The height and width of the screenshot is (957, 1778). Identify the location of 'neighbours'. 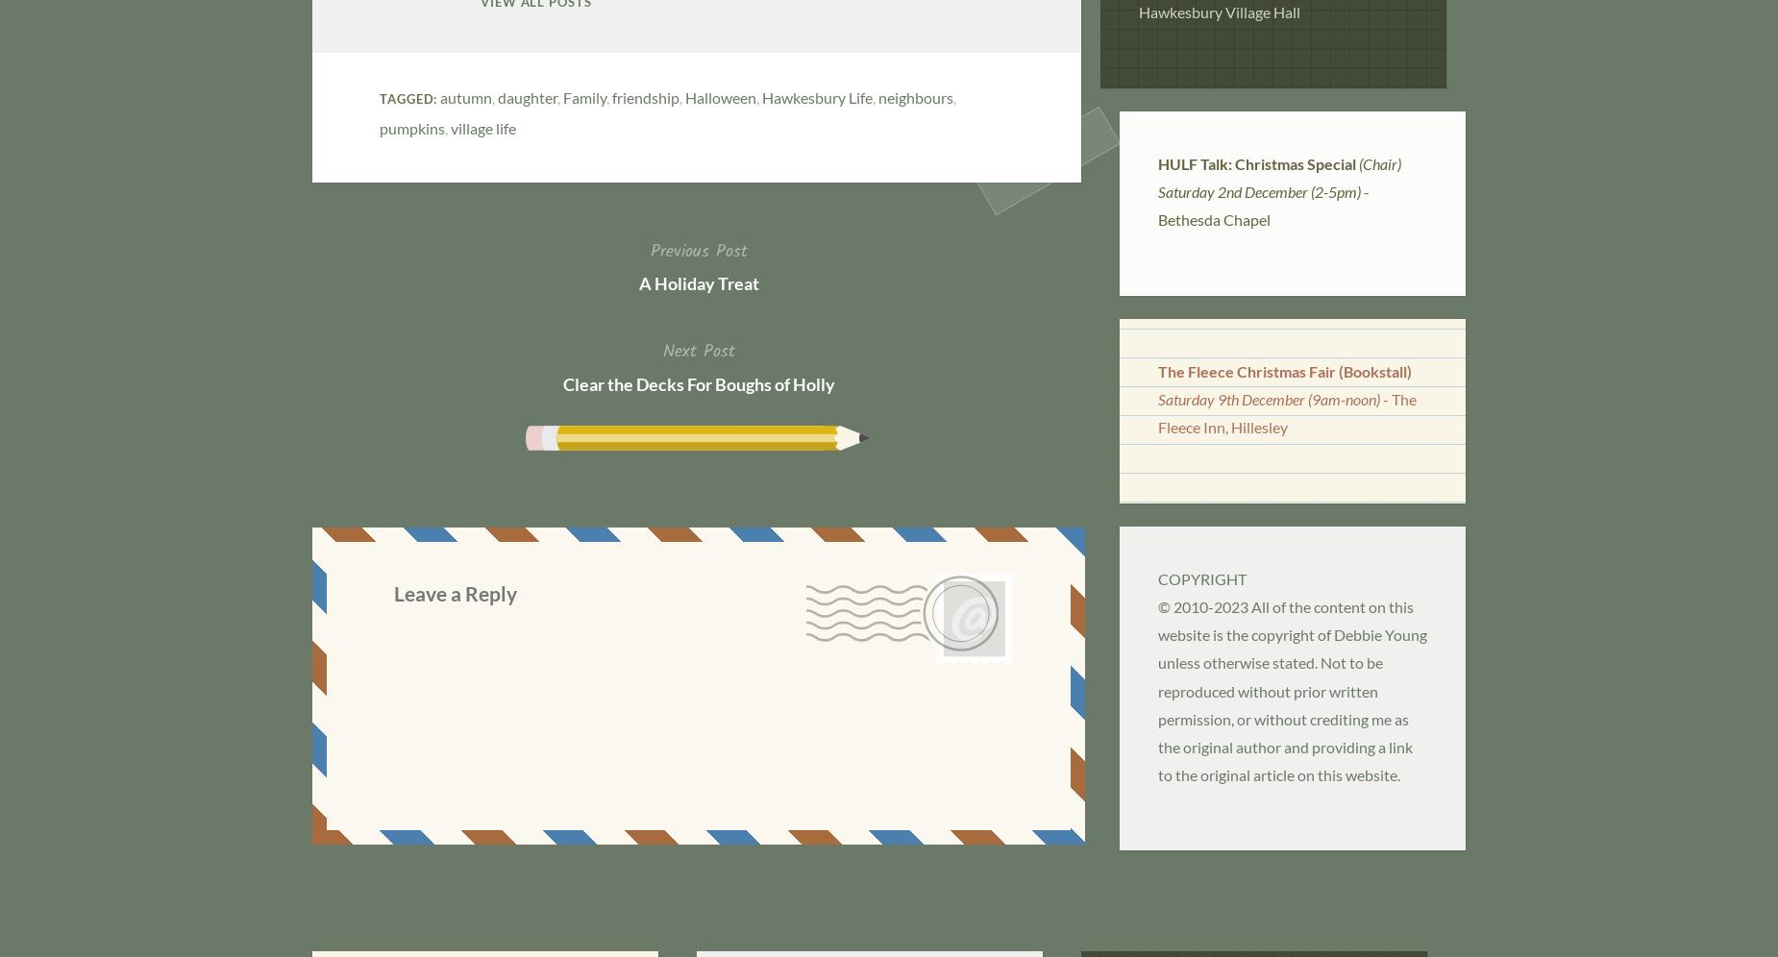
(914, 96).